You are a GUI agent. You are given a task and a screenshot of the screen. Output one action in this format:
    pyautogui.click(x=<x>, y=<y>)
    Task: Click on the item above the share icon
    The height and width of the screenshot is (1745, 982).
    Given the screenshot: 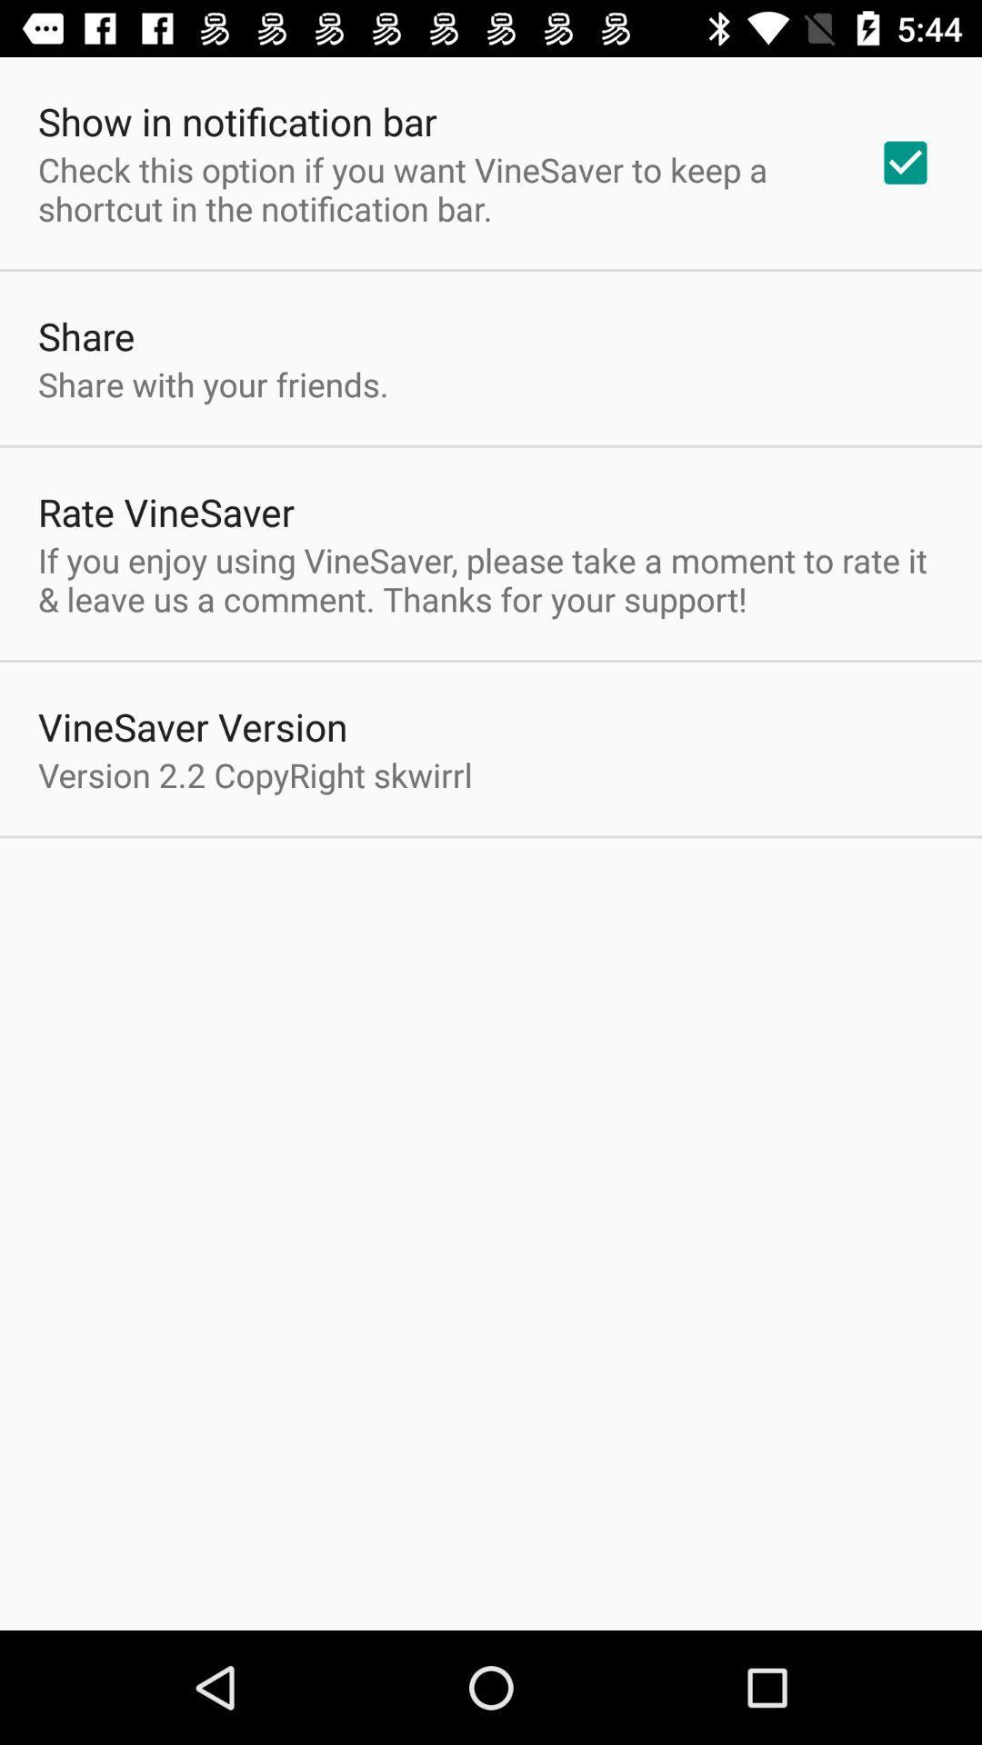 What is the action you would take?
    pyautogui.click(x=434, y=189)
    